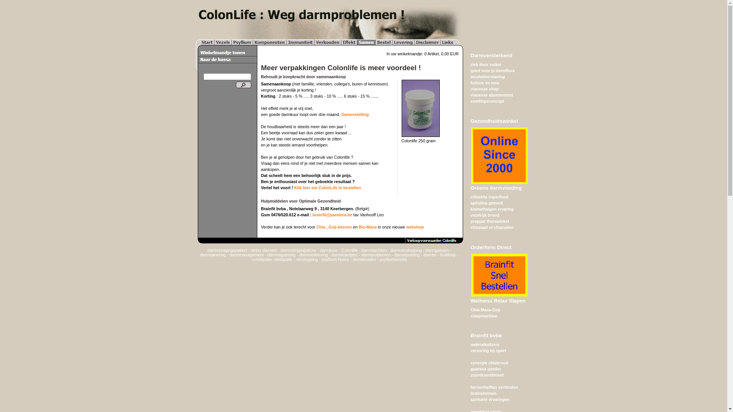  Describe the element at coordinates (489, 221) in the screenshot. I see `'prepper thuiswinkel'` at that location.